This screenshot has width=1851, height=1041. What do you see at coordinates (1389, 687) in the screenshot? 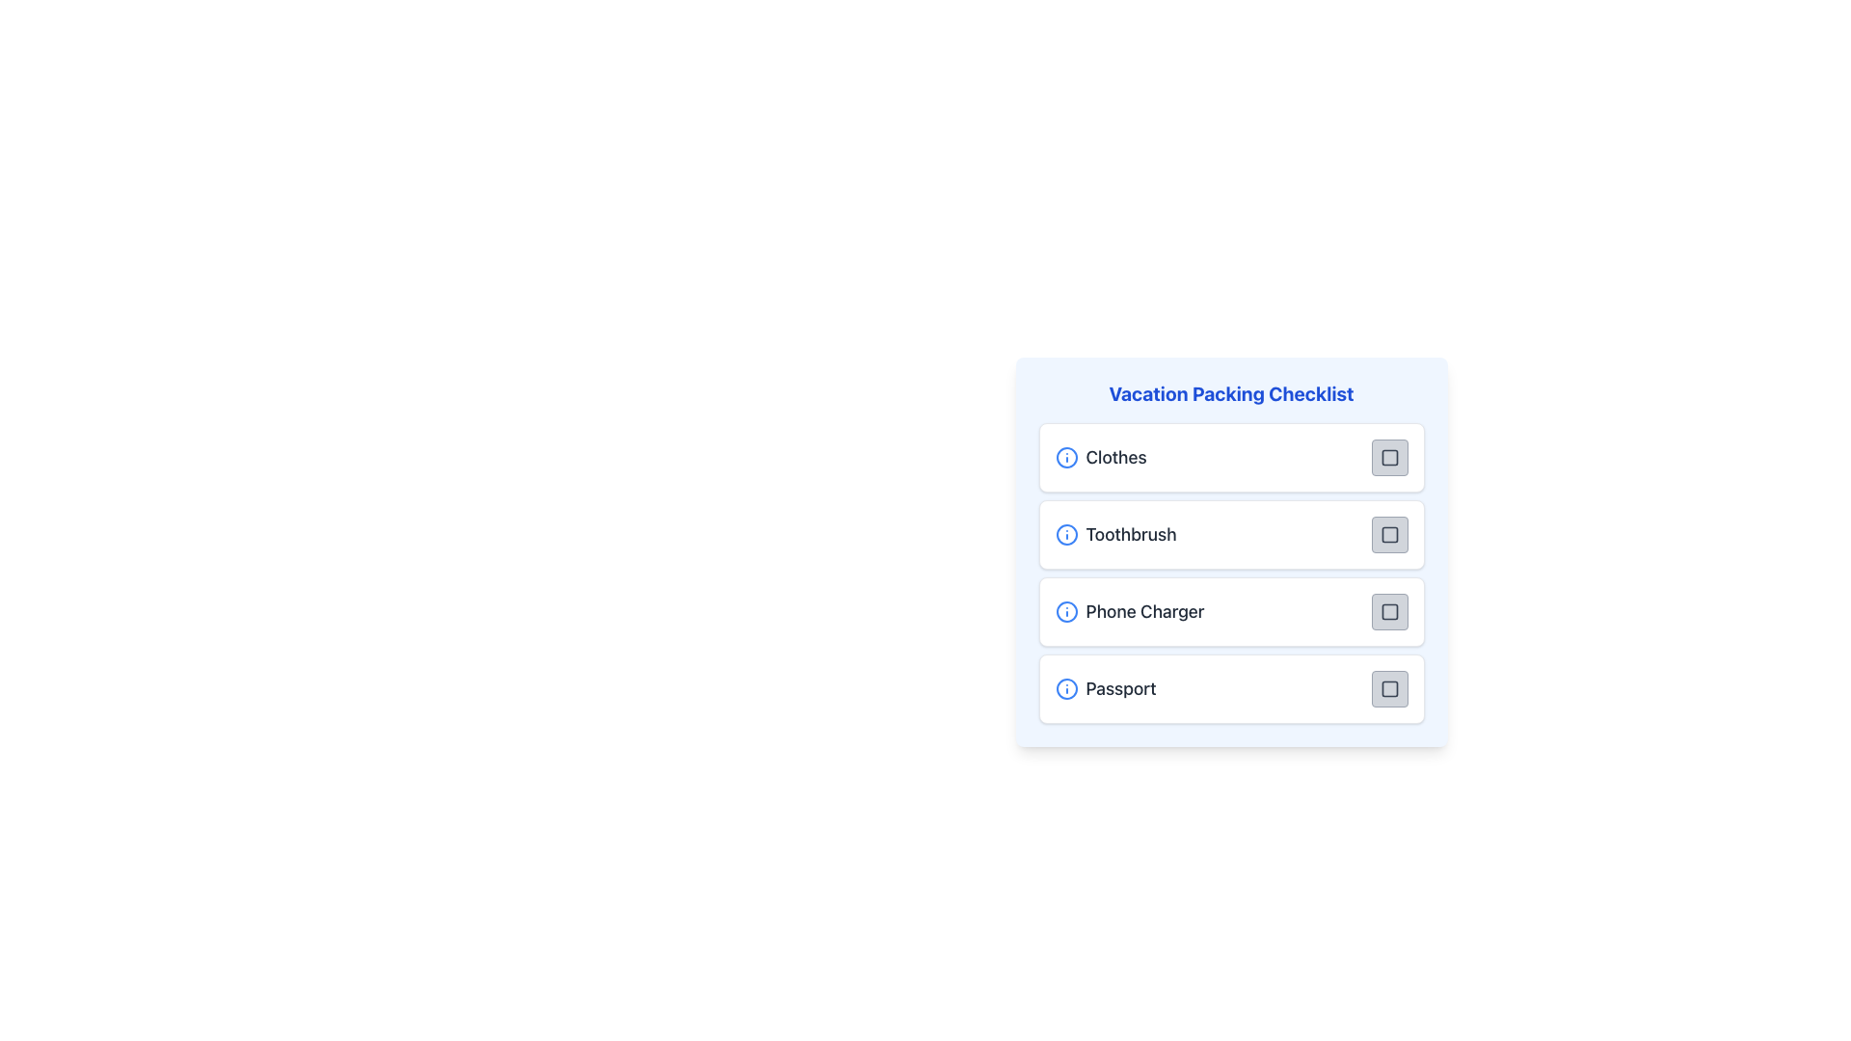
I see `the checkbox associated with the 'Passport' label` at bounding box center [1389, 687].